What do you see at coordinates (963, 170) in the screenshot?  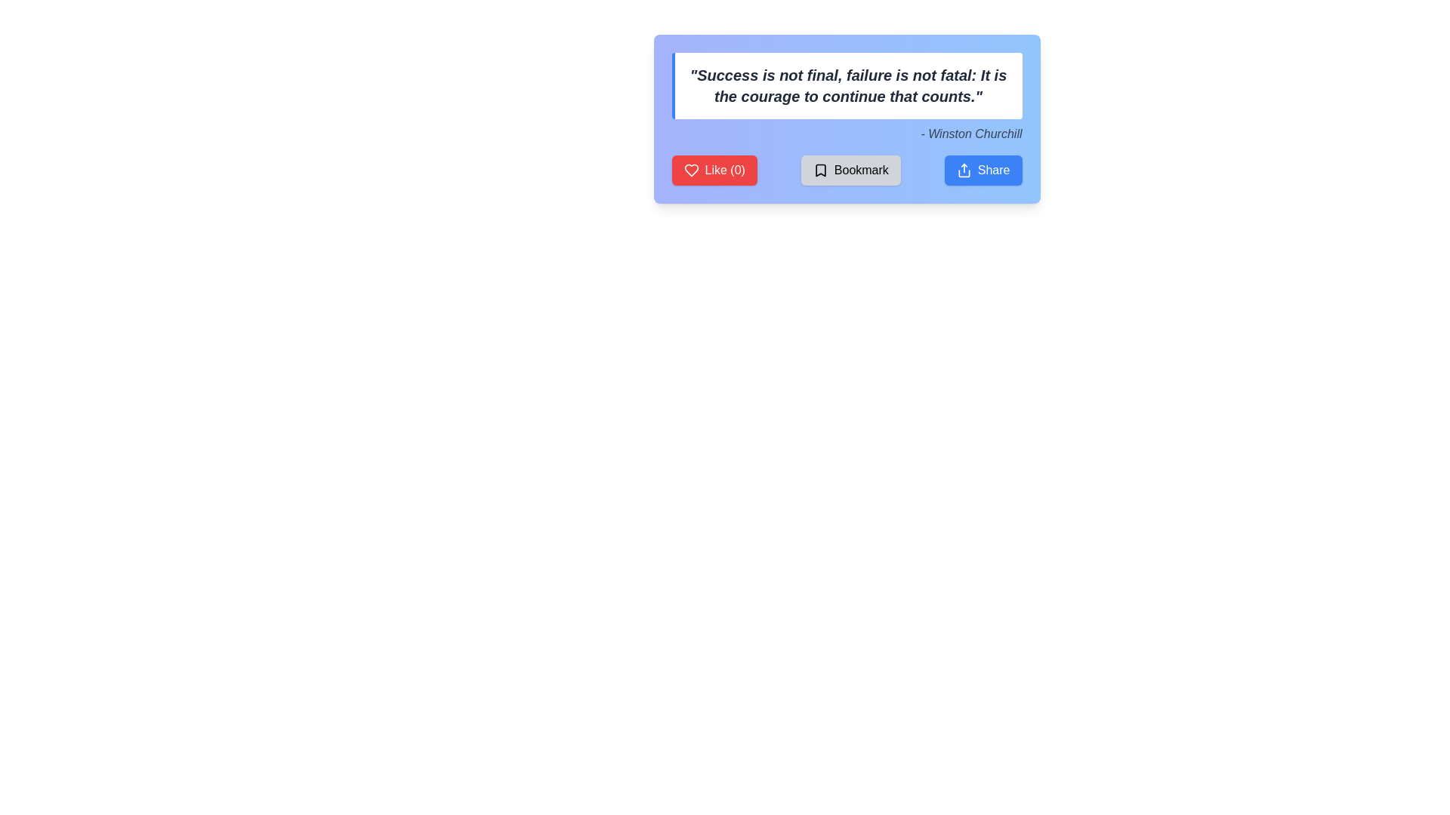 I see `the share icon located at the start of the blue button labeled 'Share', positioned to the far right of a group of three buttons beneath a quote section` at bounding box center [963, 170].